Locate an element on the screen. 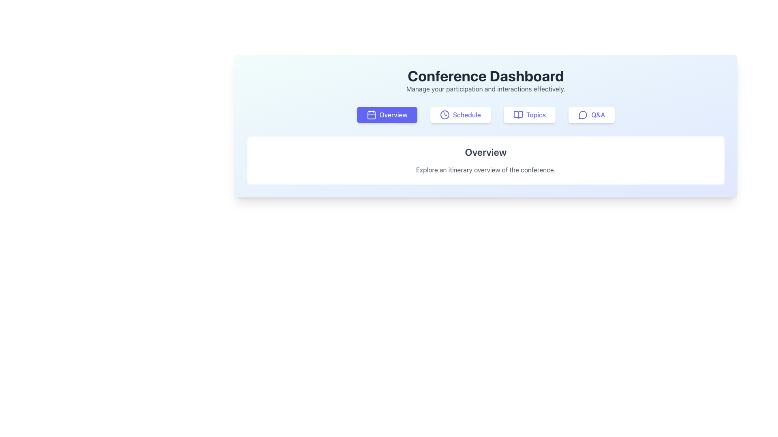  the decorative vector graphic within the 'Topics' button, which is the third button in a row of four buttons below the 'Conference Dashboard' heading is located at coordinates (517, 115).